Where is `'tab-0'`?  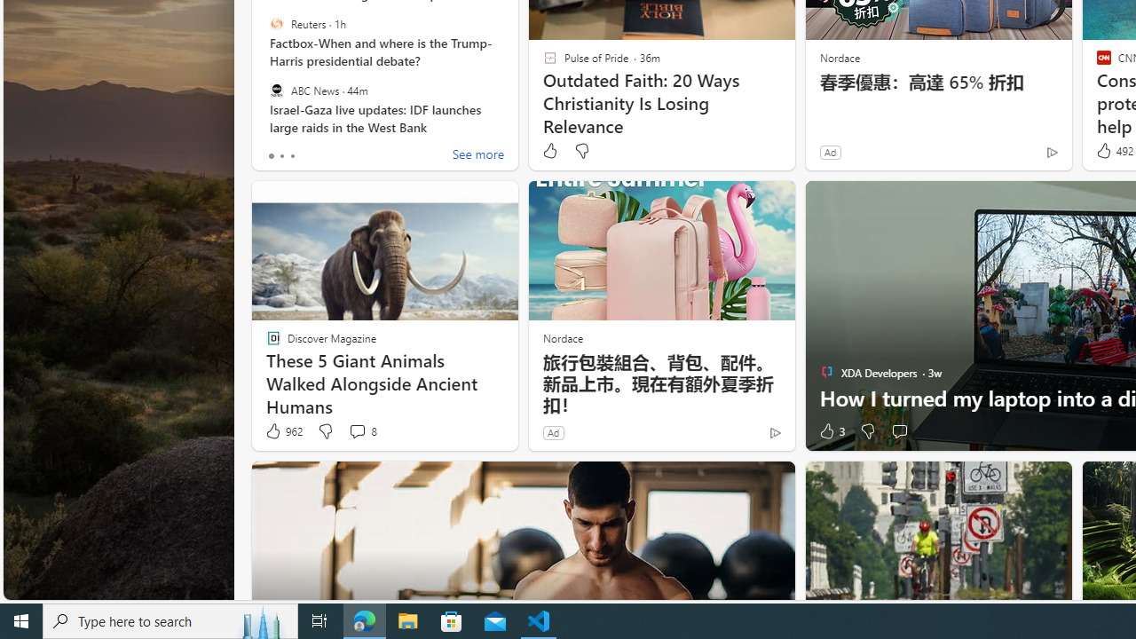 'tab-0' is located at coordinates (270, 155).